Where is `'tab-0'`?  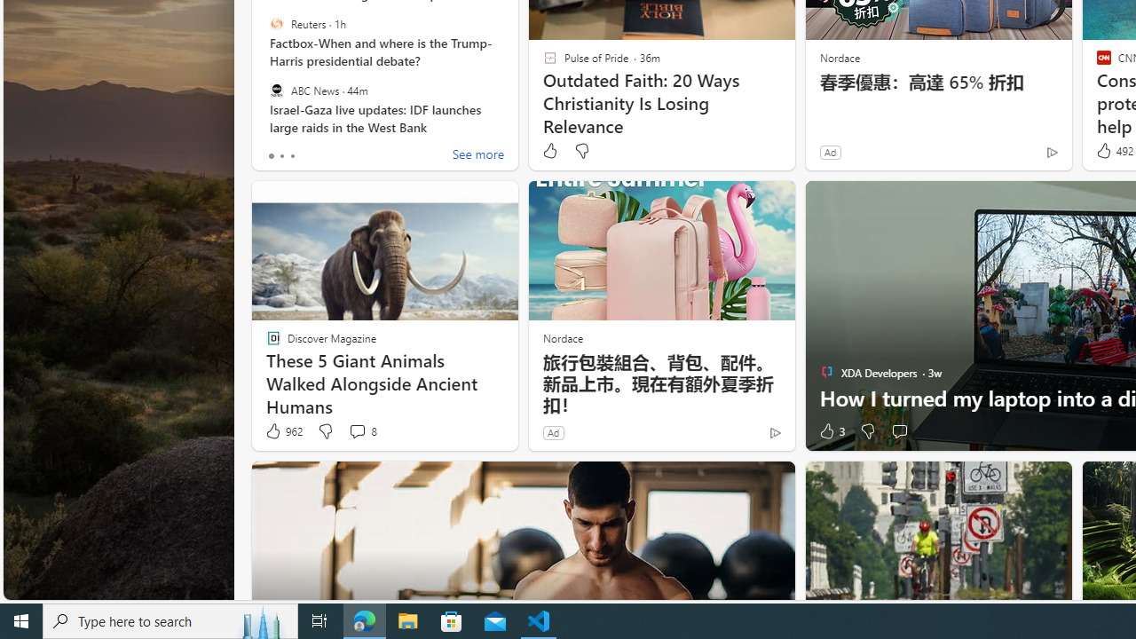 'tab-0' is located at coordinates (270, 155).